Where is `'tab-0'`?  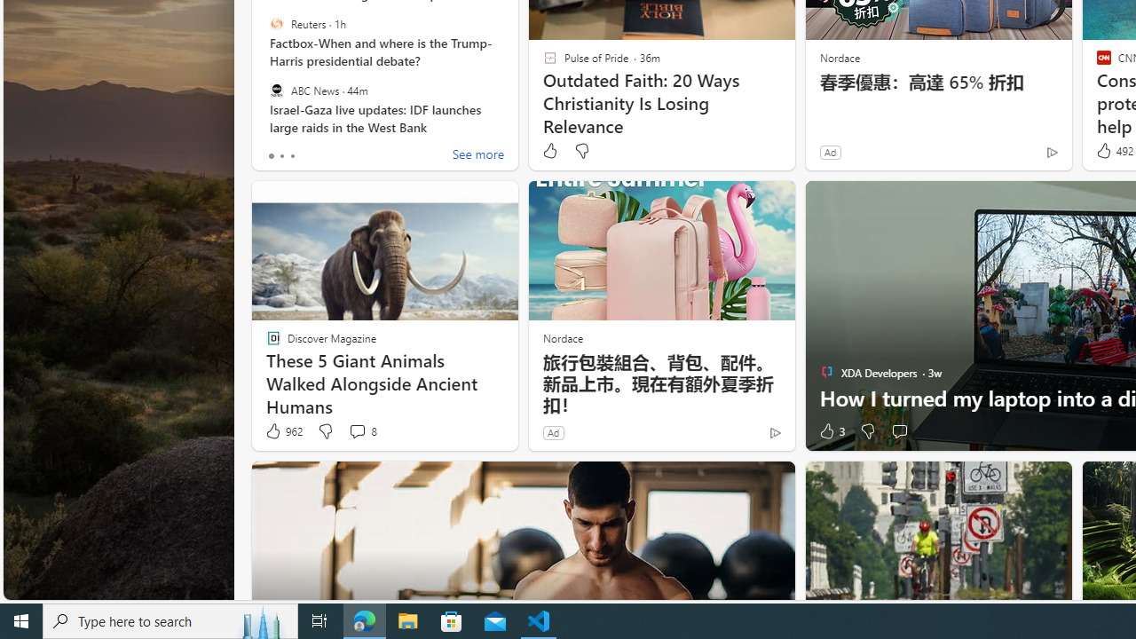 'tab-0' is located at coordinates (270, 155).